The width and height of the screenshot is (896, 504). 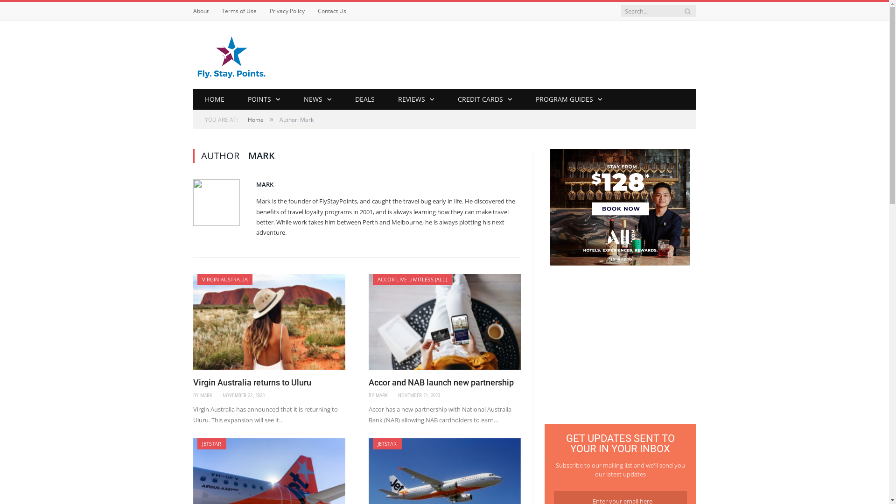 What do you see at coordinates (231, 55) in the screenshot?
I see `'Fly Stay Points'` at bounding box center [231, 55].